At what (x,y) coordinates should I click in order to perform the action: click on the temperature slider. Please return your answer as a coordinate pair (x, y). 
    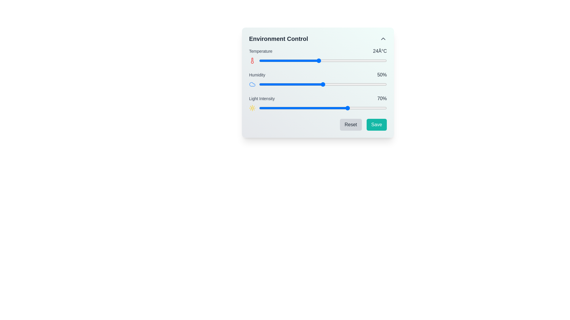
    Looking at the image, I should click on (365, 60).